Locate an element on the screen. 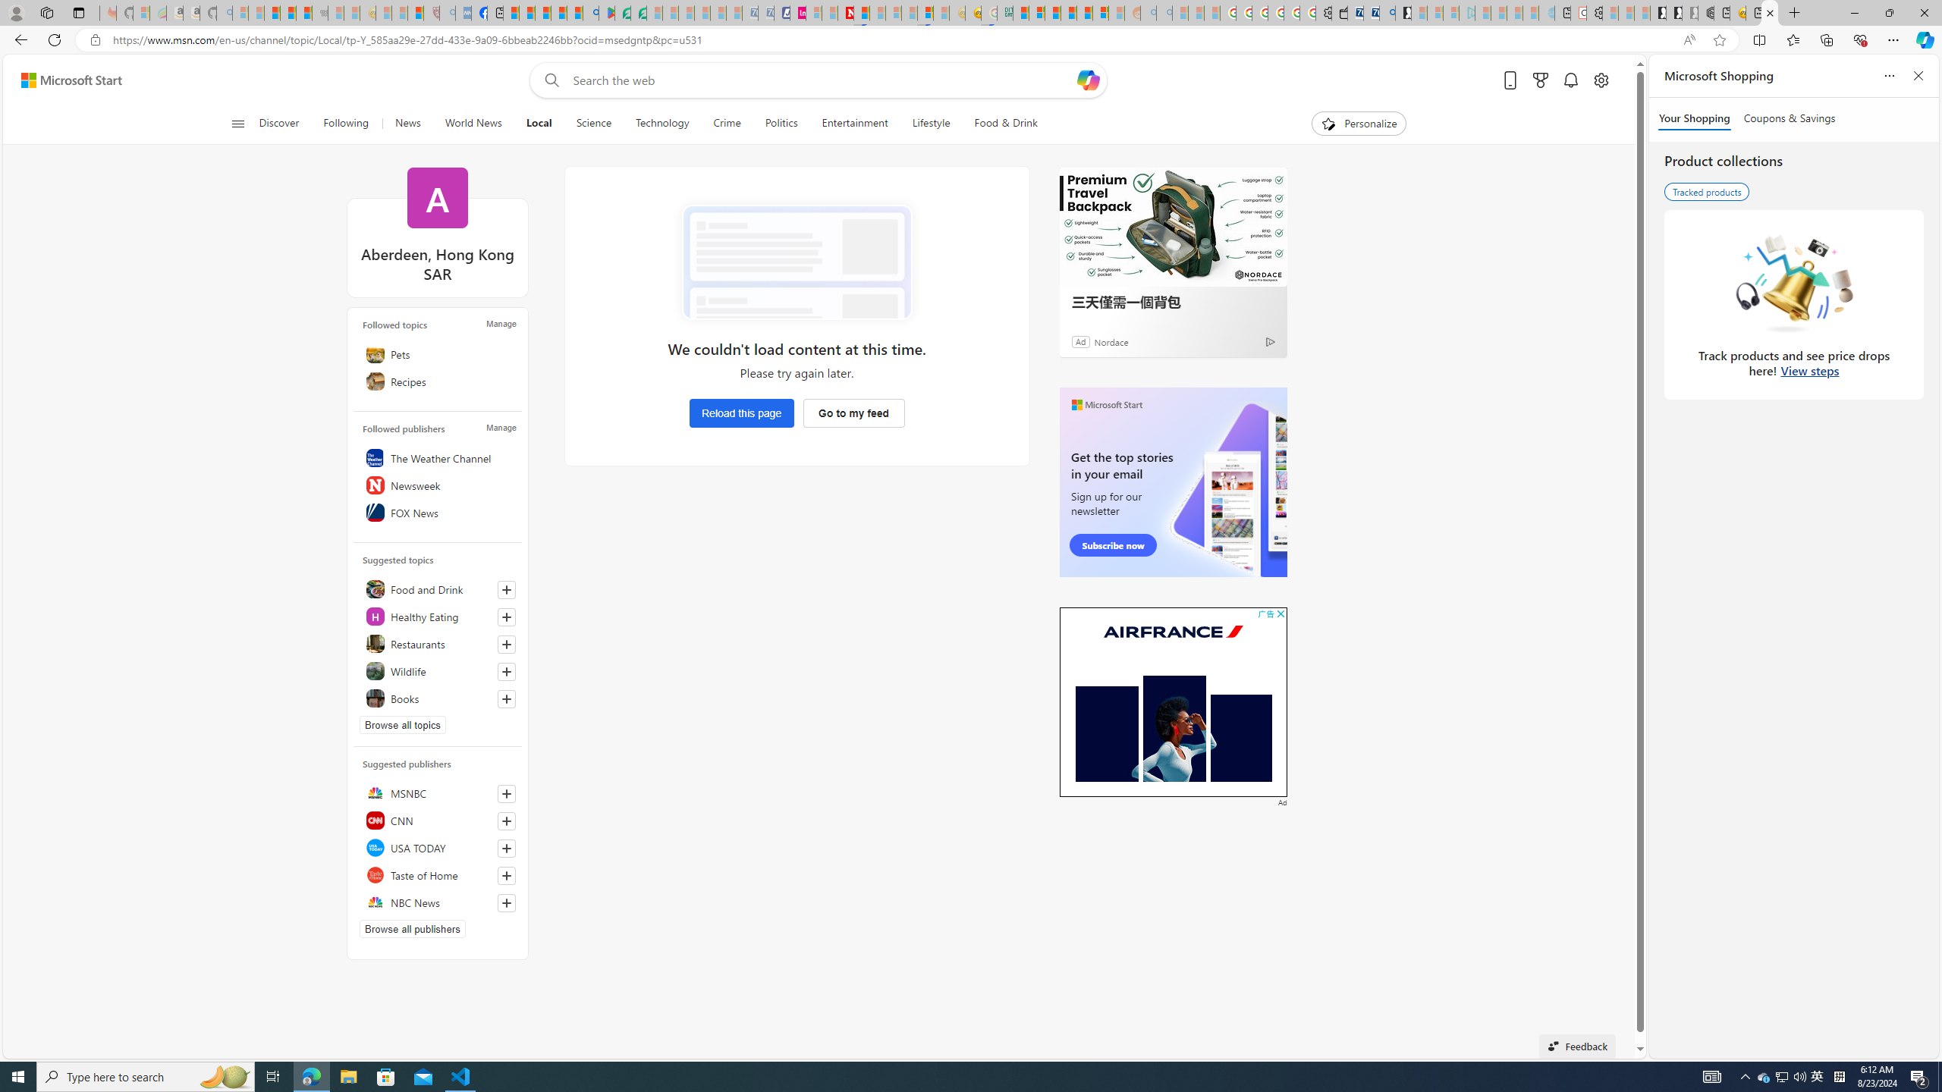  'Restaurants' is located at coordinates (436, 642).